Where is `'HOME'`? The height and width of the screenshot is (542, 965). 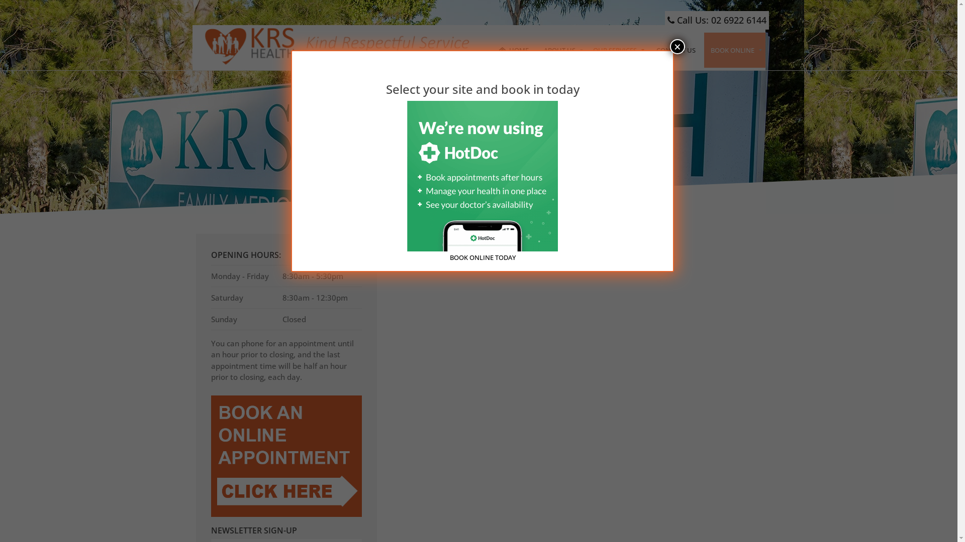 'HOME' is located at coordinates (514, 50).